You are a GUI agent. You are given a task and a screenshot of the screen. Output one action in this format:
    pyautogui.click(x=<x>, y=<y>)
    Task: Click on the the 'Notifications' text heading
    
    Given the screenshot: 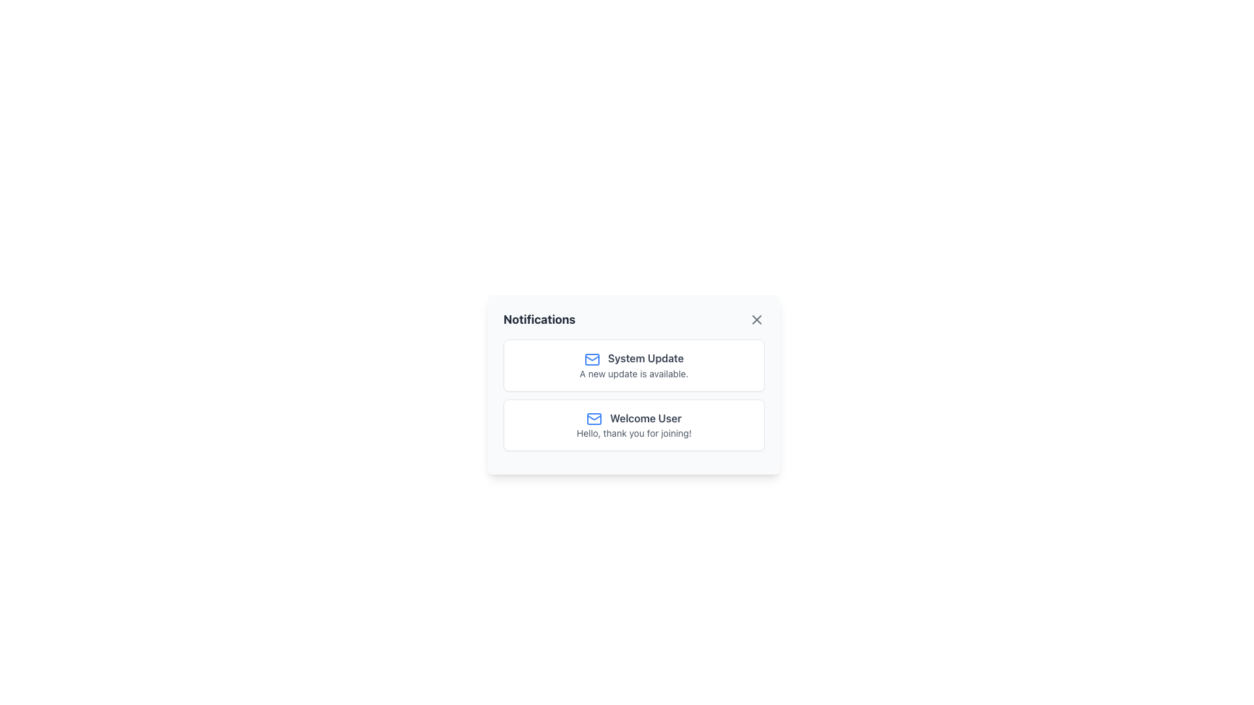 What is the action you would take?
    pyautogui.click(x=539, y=319)
    